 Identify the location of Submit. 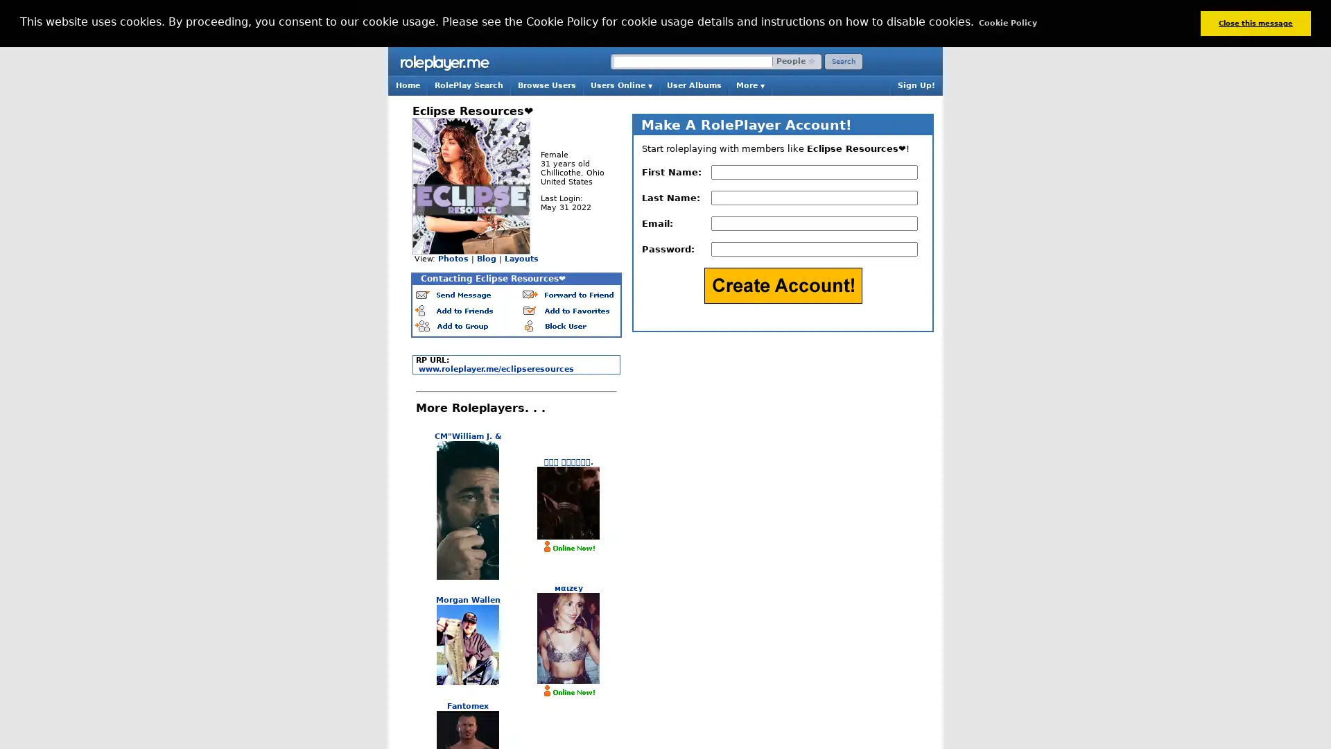
(782, 284).